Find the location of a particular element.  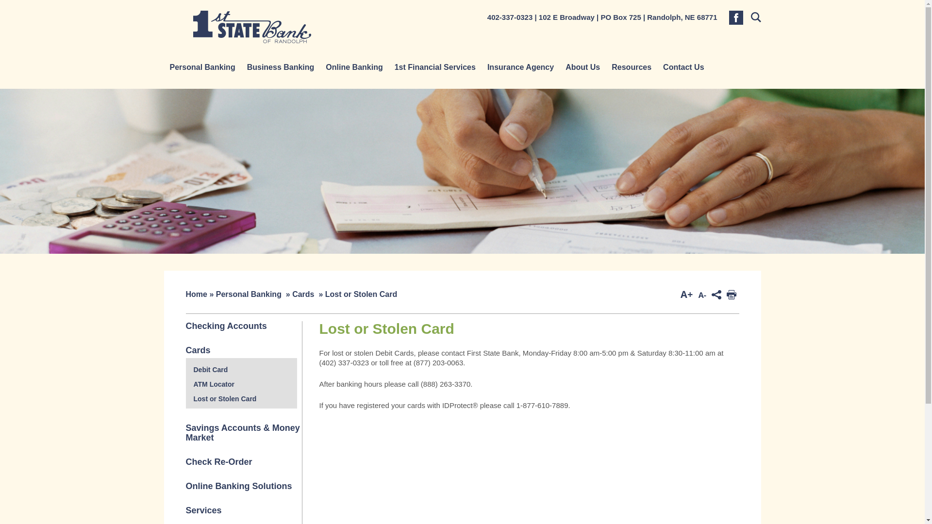

'Online Banking' is located at coordinates (353, 66).